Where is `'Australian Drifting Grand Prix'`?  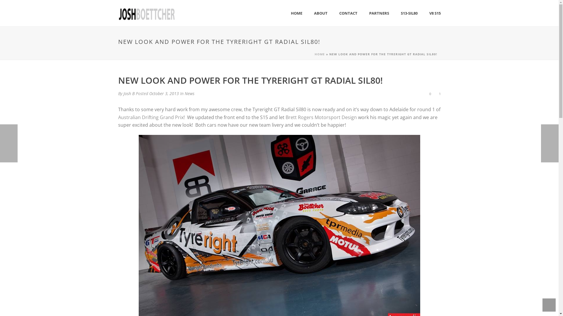
'Australian Drifting Grand Prix' is located at coordinates (150, 117).